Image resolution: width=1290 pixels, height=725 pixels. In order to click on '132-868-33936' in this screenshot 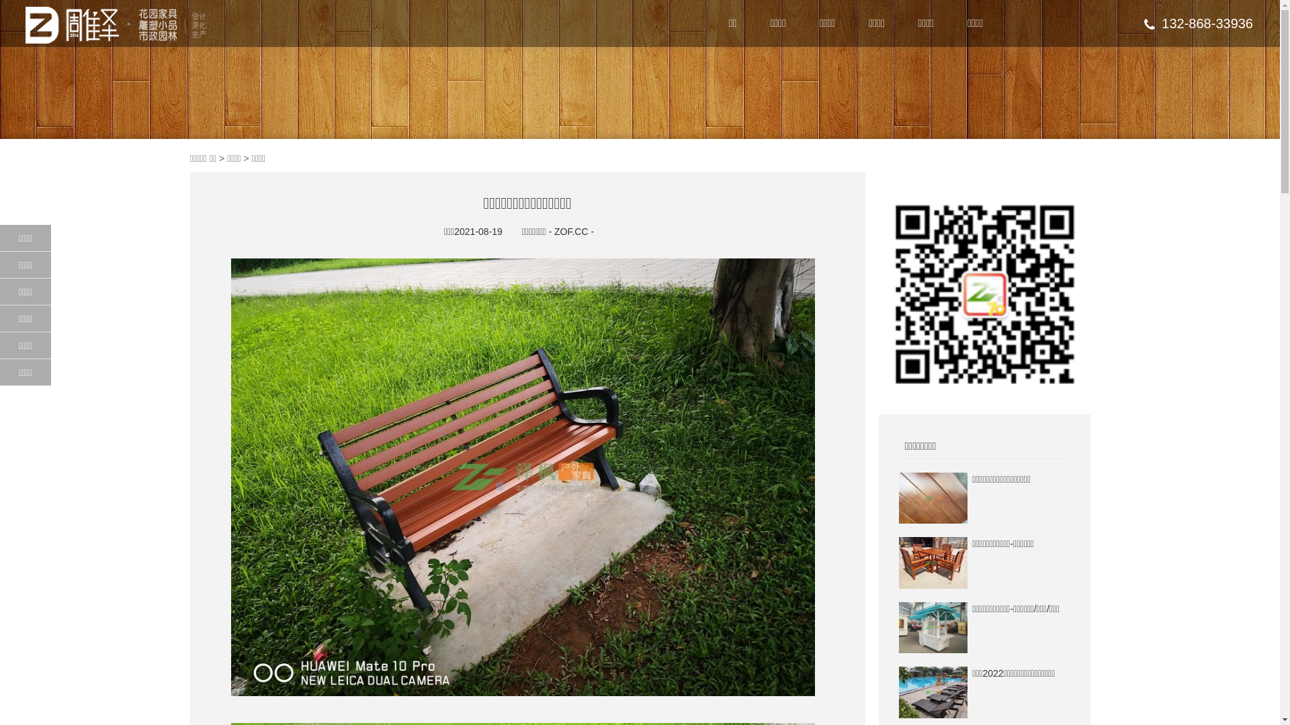, I will do `click(1199, 23)`.